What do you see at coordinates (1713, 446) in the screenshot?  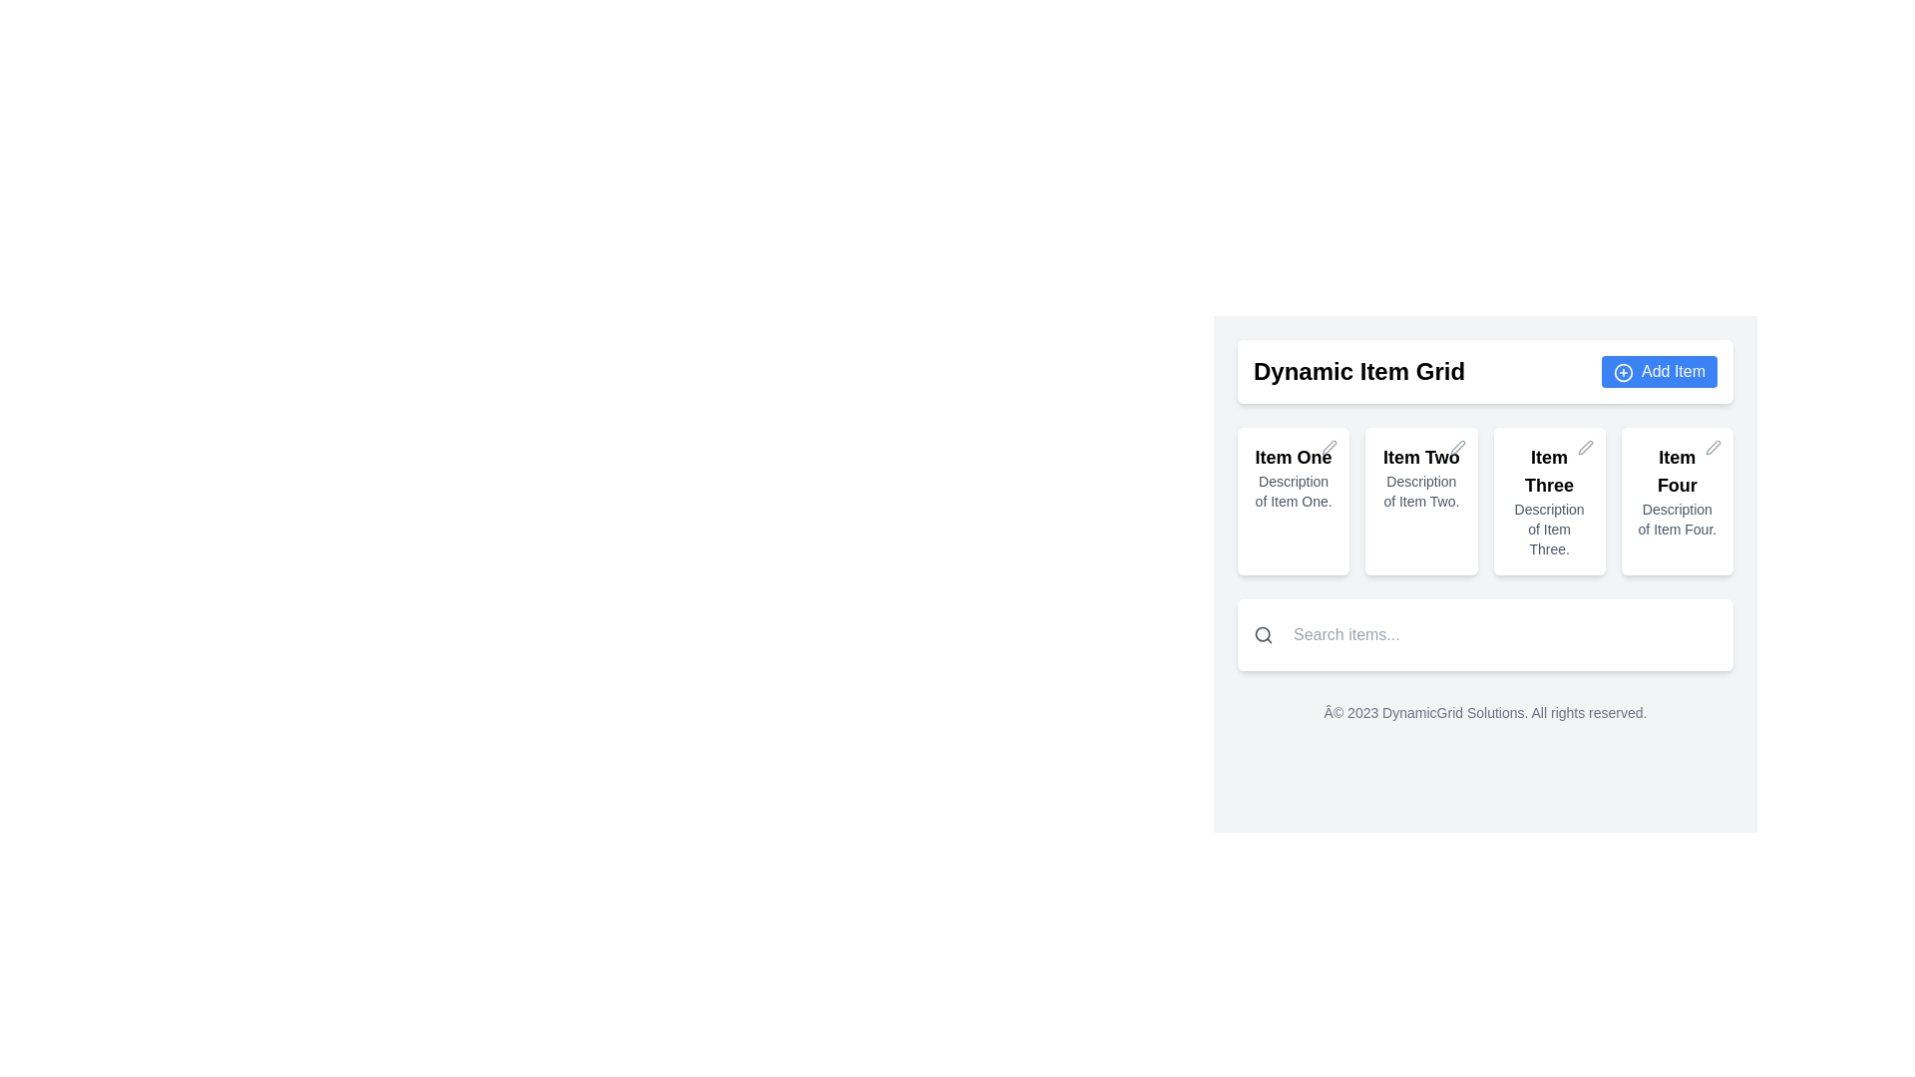 I see `the edit icon located in the top-right corner of the 'Item Four' card` at bounding box center [1713, 446].